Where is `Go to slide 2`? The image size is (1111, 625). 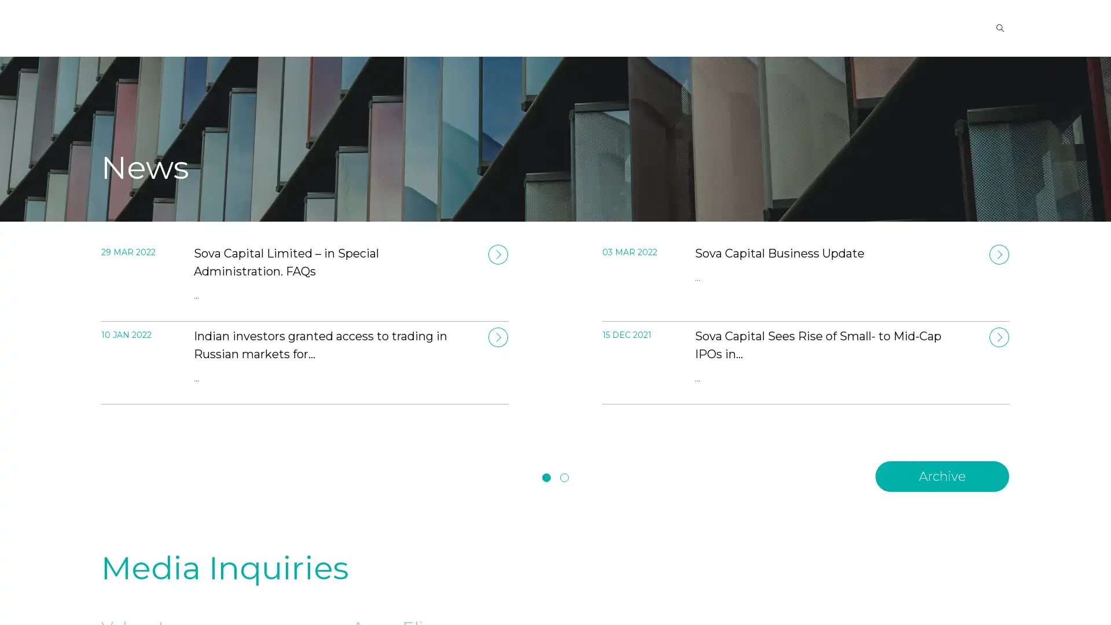
Go to slide 2 is located at coordinates (564, 477).